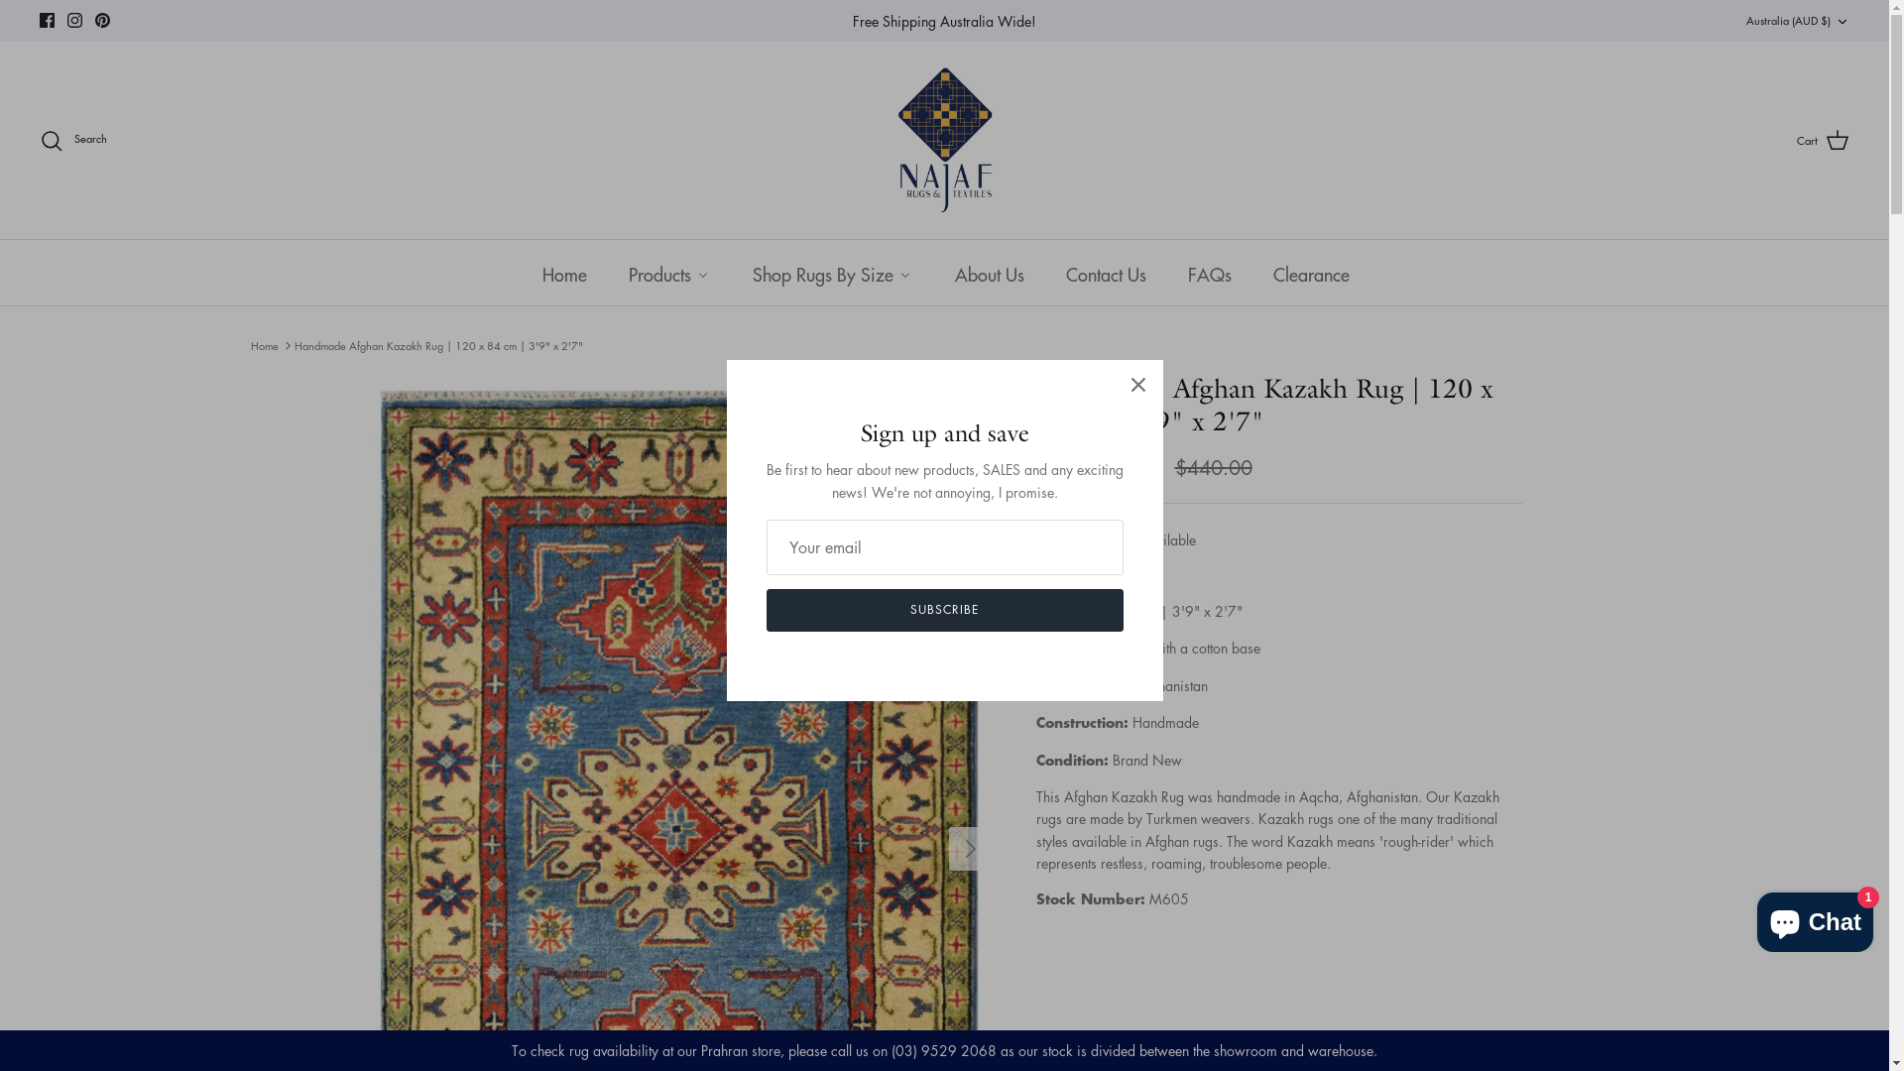 Image resolution: width=1904 pixels, height=1071 pixels. What do you see at coordinates (1815, 917) in the screenshot?
I see `'Shopify online store chat'` at bounding box center [1815, 917].